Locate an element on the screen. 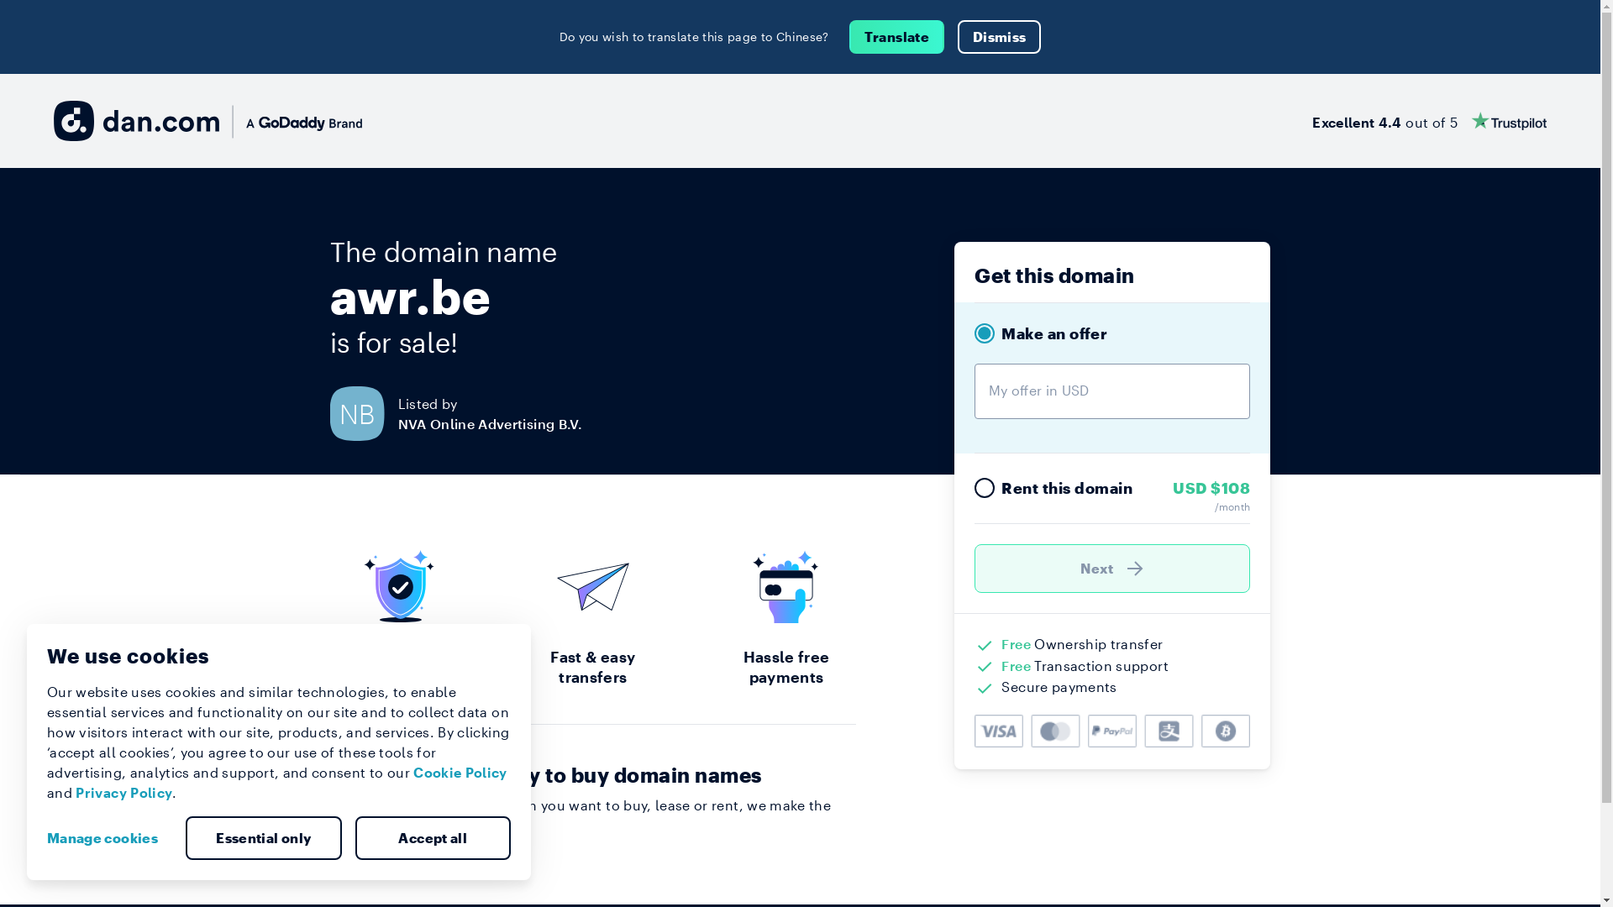  'Essential only' is located at coordinates (262, 838).